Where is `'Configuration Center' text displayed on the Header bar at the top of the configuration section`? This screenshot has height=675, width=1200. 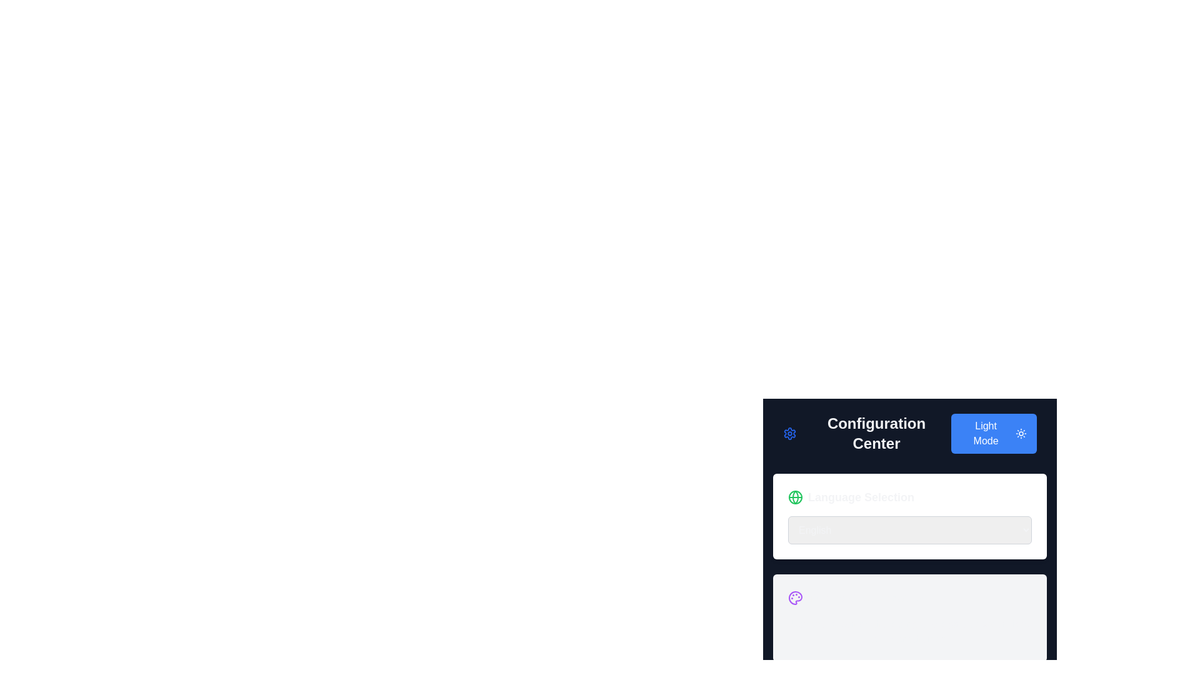 'Configuration Center' text displayed on the Header bar at the top of the configuration section is located at coordinates (909, 433).